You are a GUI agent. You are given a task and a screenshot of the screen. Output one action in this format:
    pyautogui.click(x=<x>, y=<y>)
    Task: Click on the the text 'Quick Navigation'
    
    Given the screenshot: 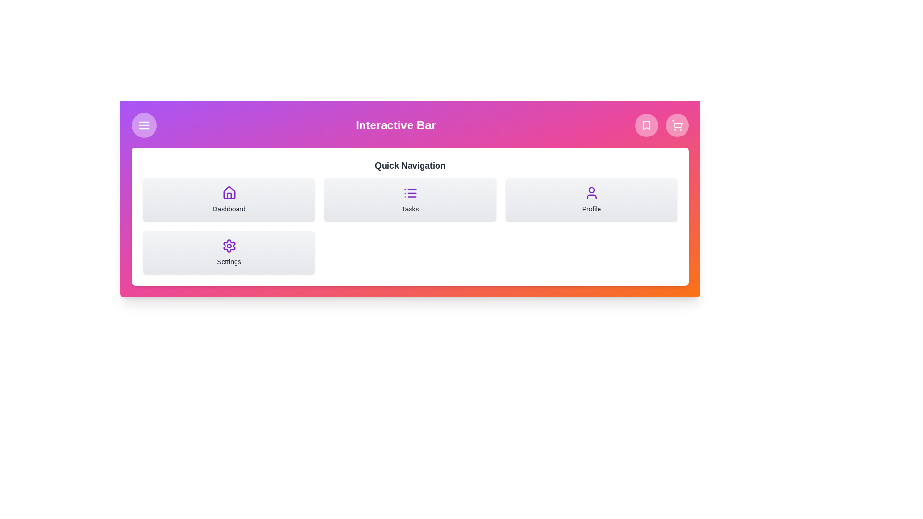 What is the action you would take?
    pyautogui.click(x=410, y=165)
    